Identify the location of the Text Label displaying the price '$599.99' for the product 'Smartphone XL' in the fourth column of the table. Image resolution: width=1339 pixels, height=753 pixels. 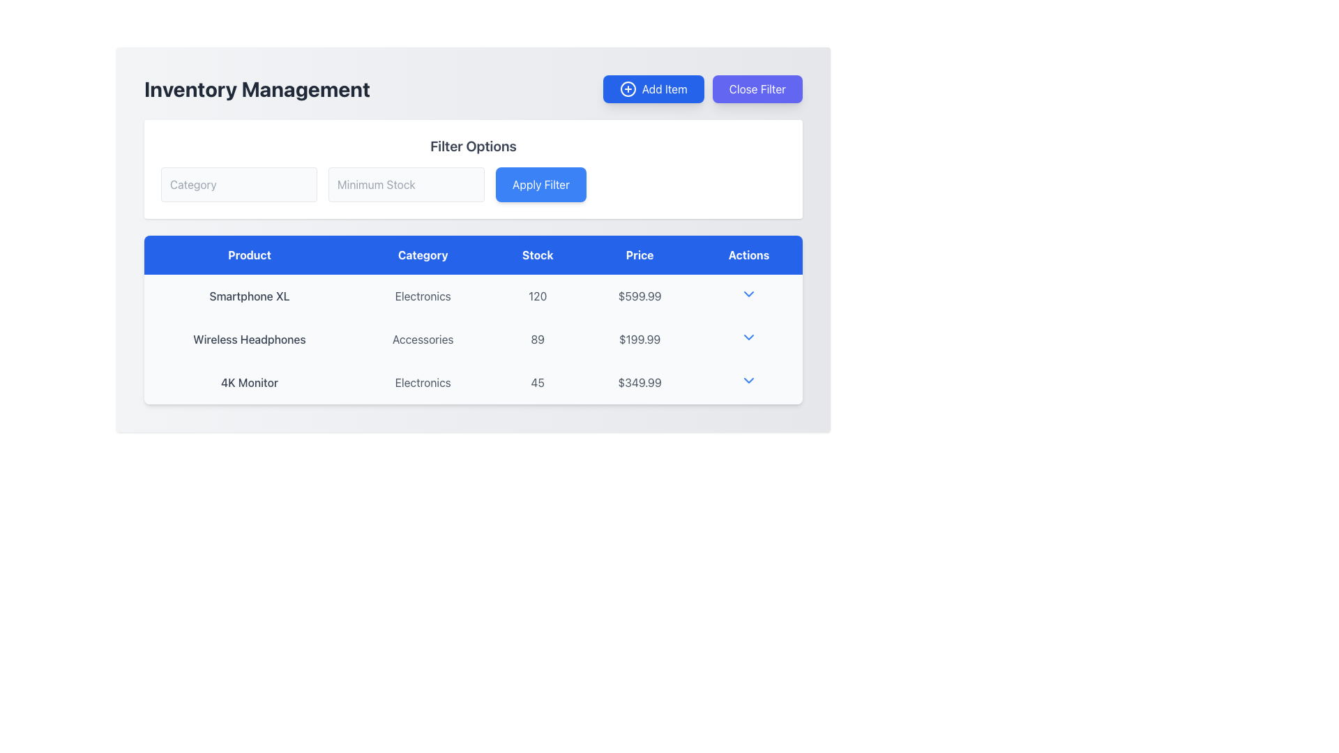
(639, 295).